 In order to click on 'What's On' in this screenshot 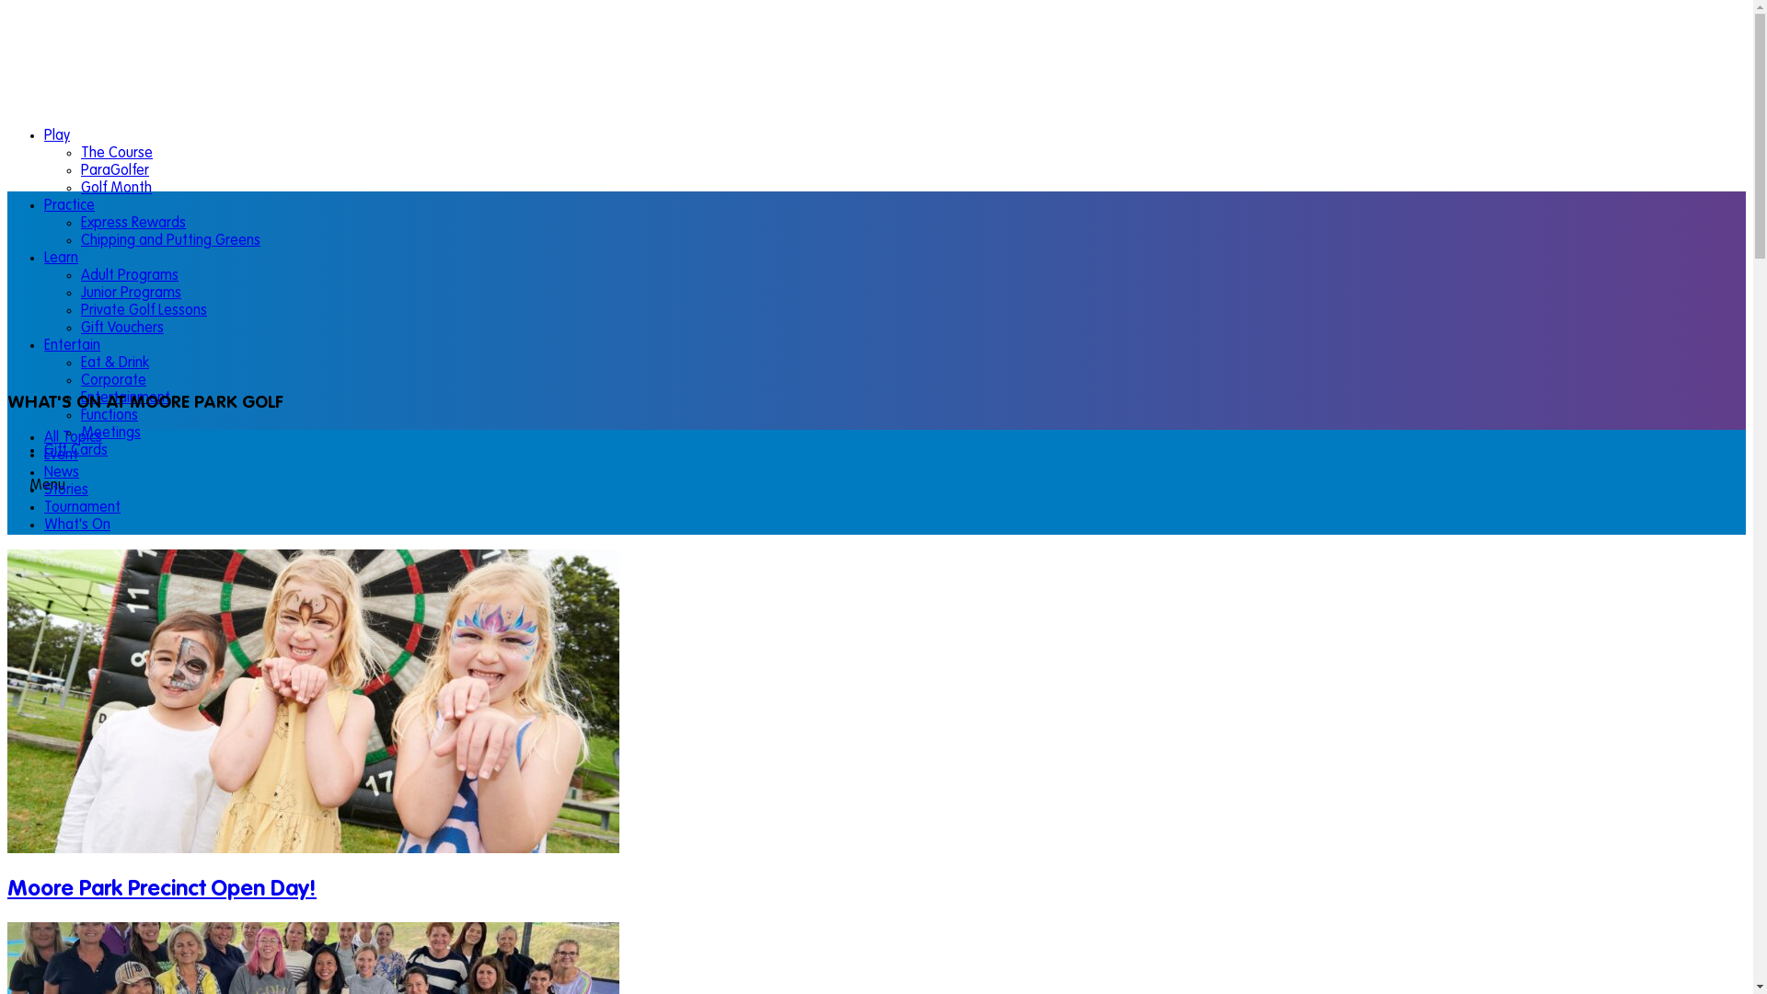, I will do `click(44, 525)`.